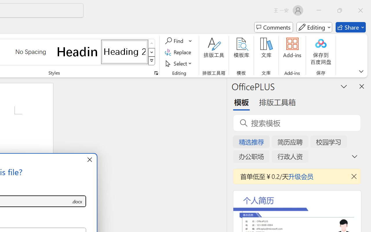  I want to click on 'Mode', so click(314, 27).